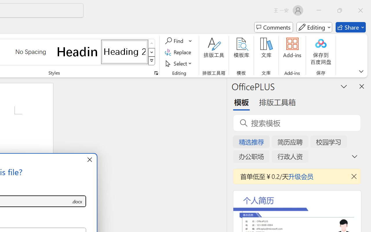  I want to click on 'Mode', so click(314, 27).